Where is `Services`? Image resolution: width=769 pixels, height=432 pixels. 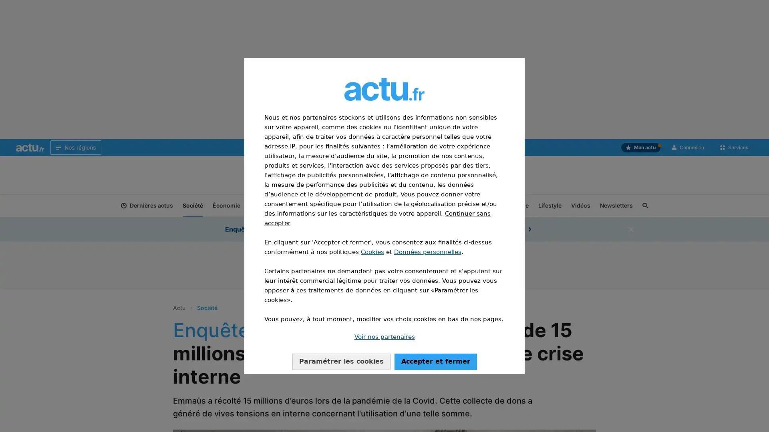 Services is located at coordinates (734, 148).